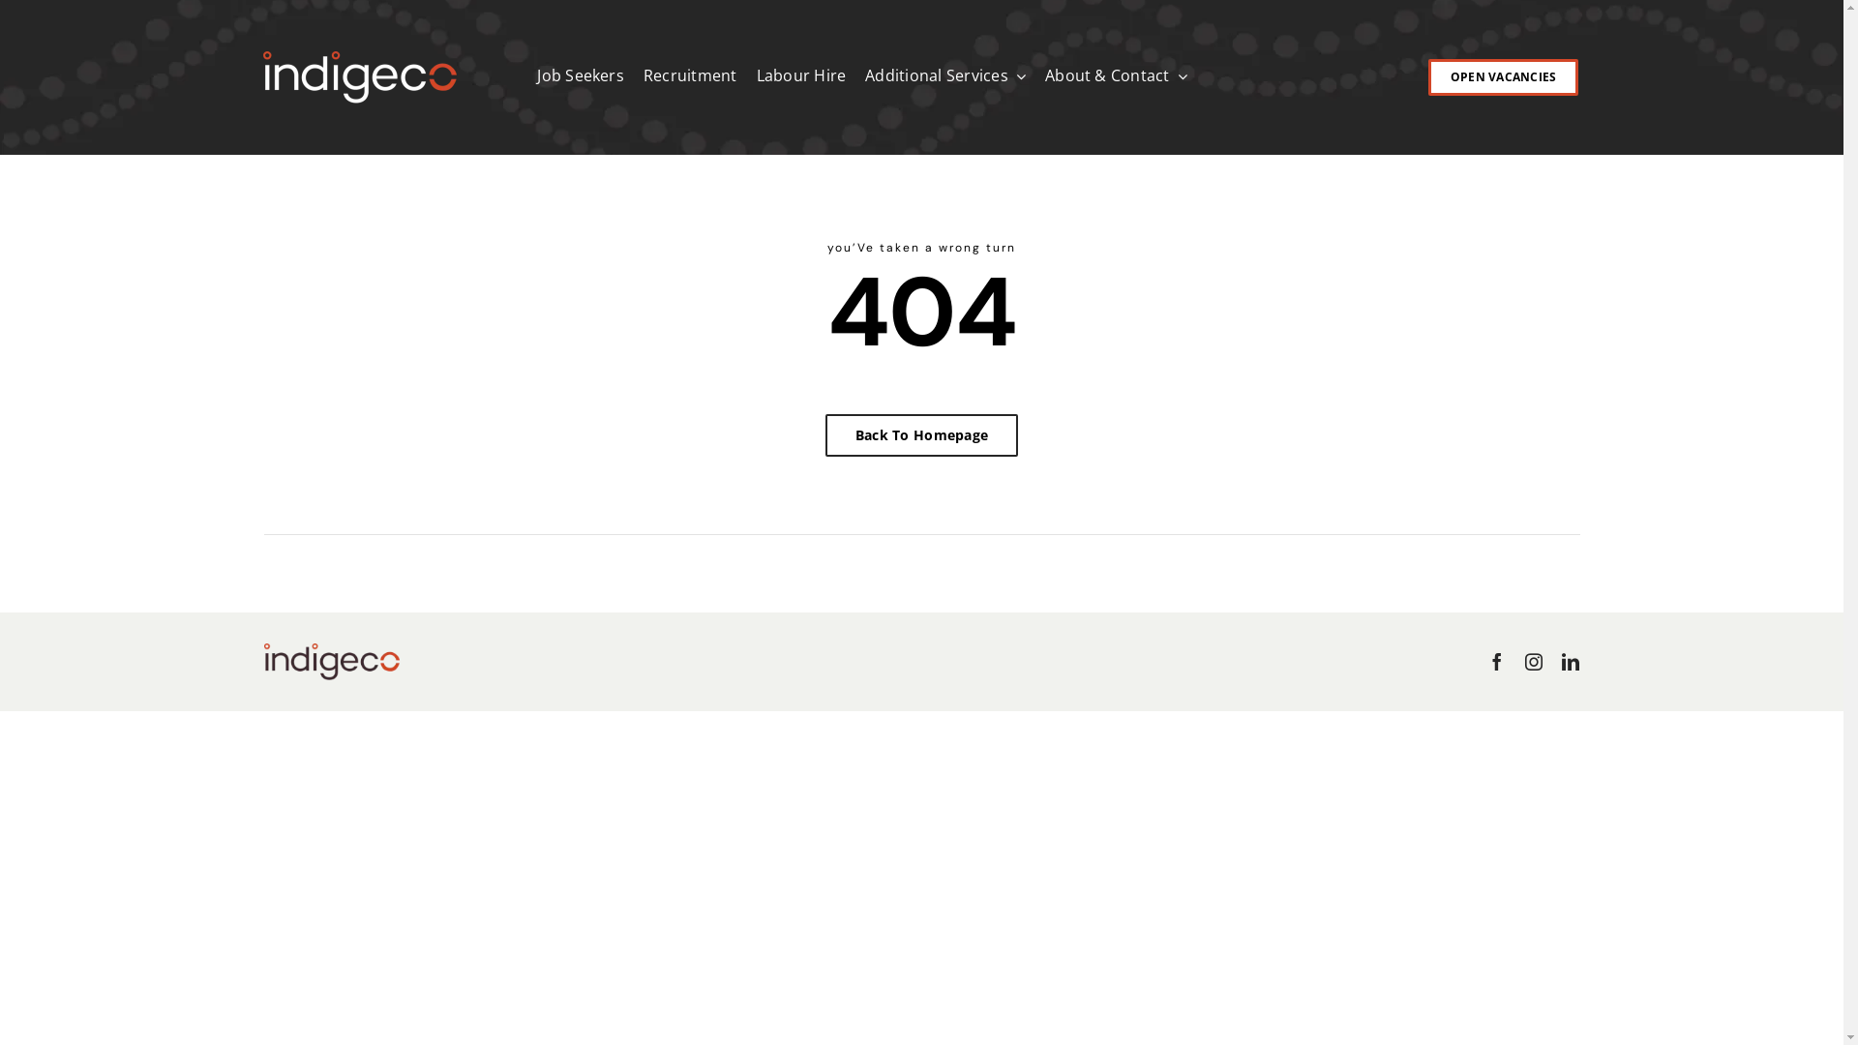 The width and height of the screenshot is (1858, 1045). What do you see at coordinates (1532, 660) in the screenshot?
I see `'Instagram'` at bounding box center [1532, 660].